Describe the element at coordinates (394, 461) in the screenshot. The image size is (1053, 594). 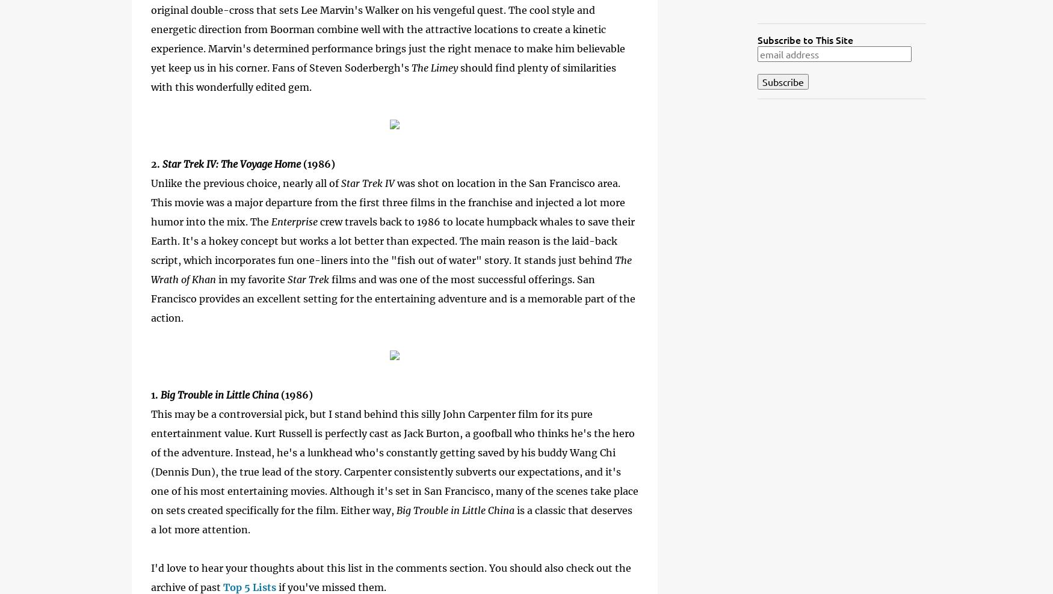
I see `'This may be a controversial pick, but I stand behind this silly John Carpenter film for its pure entertainment value. Kurt Russell is perfectly cast as Jack Burton, a goofball who thinks he's the hero of the adventure. Instead, he's a lunkhead who's constantly getting saved by his buddy Wang Chi (Dennis Dun), the true lead of the story. Carpenter consistently subverts our expectations, and it's one of his most entertaining movies. Although it's set in San Francisco, many of the scenes take place on sets created specifically for the film. Either way,'` at that location.